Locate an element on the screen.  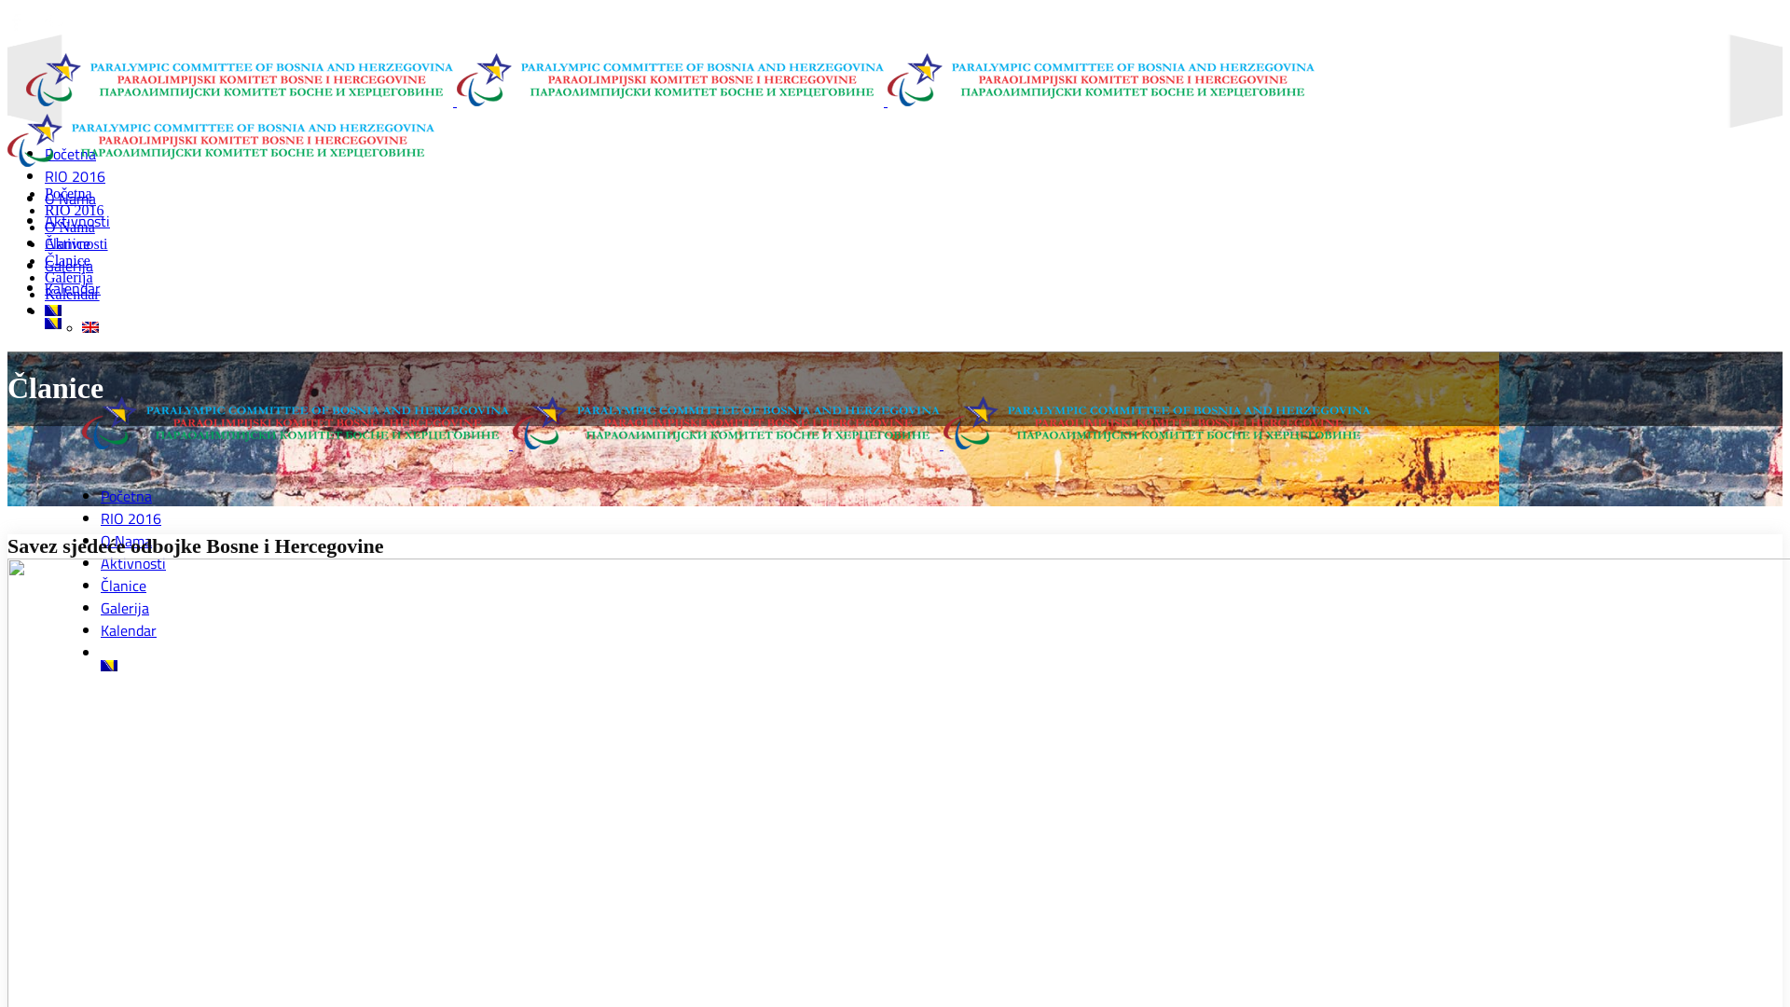
'Galerija' is located at coordinates (100, 607).